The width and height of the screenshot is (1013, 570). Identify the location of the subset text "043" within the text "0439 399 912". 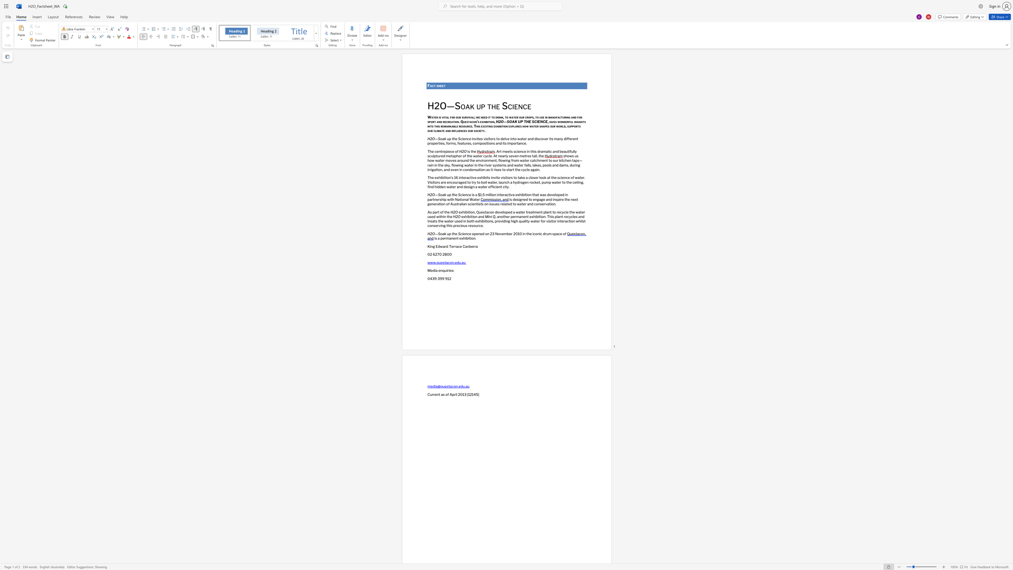
(427, 279).